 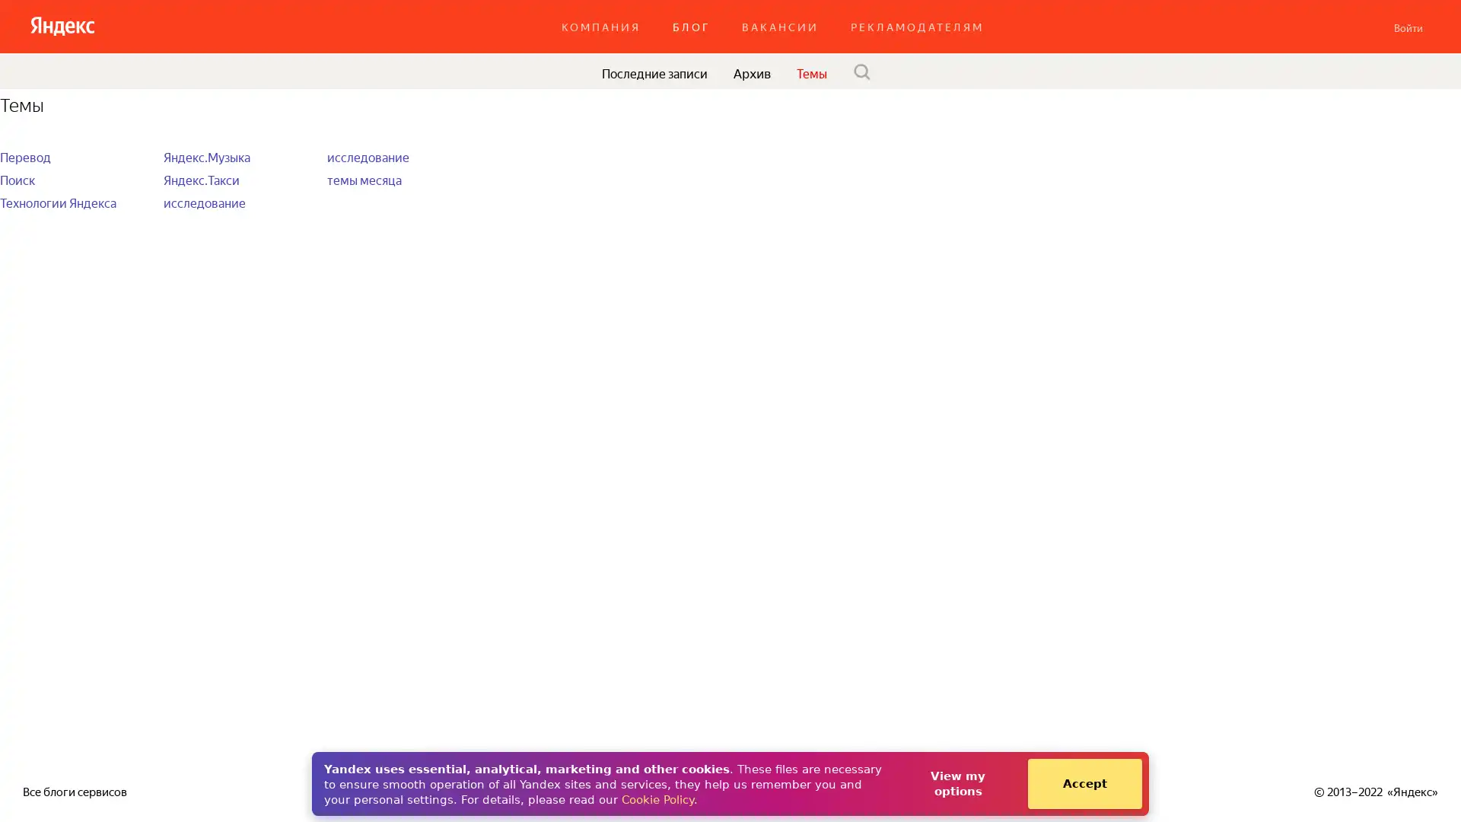 What do you see at coordinates (1084, 783) in the screenshot?
I see `Accept` at bounding box center [1084, 783].